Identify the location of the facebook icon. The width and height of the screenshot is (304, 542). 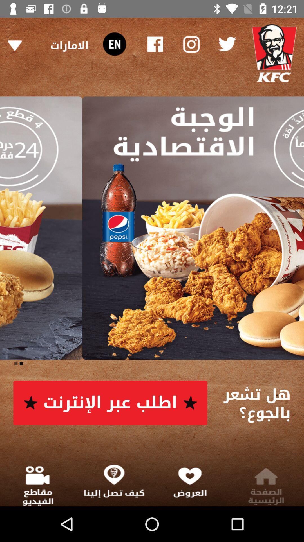
(155, 44).